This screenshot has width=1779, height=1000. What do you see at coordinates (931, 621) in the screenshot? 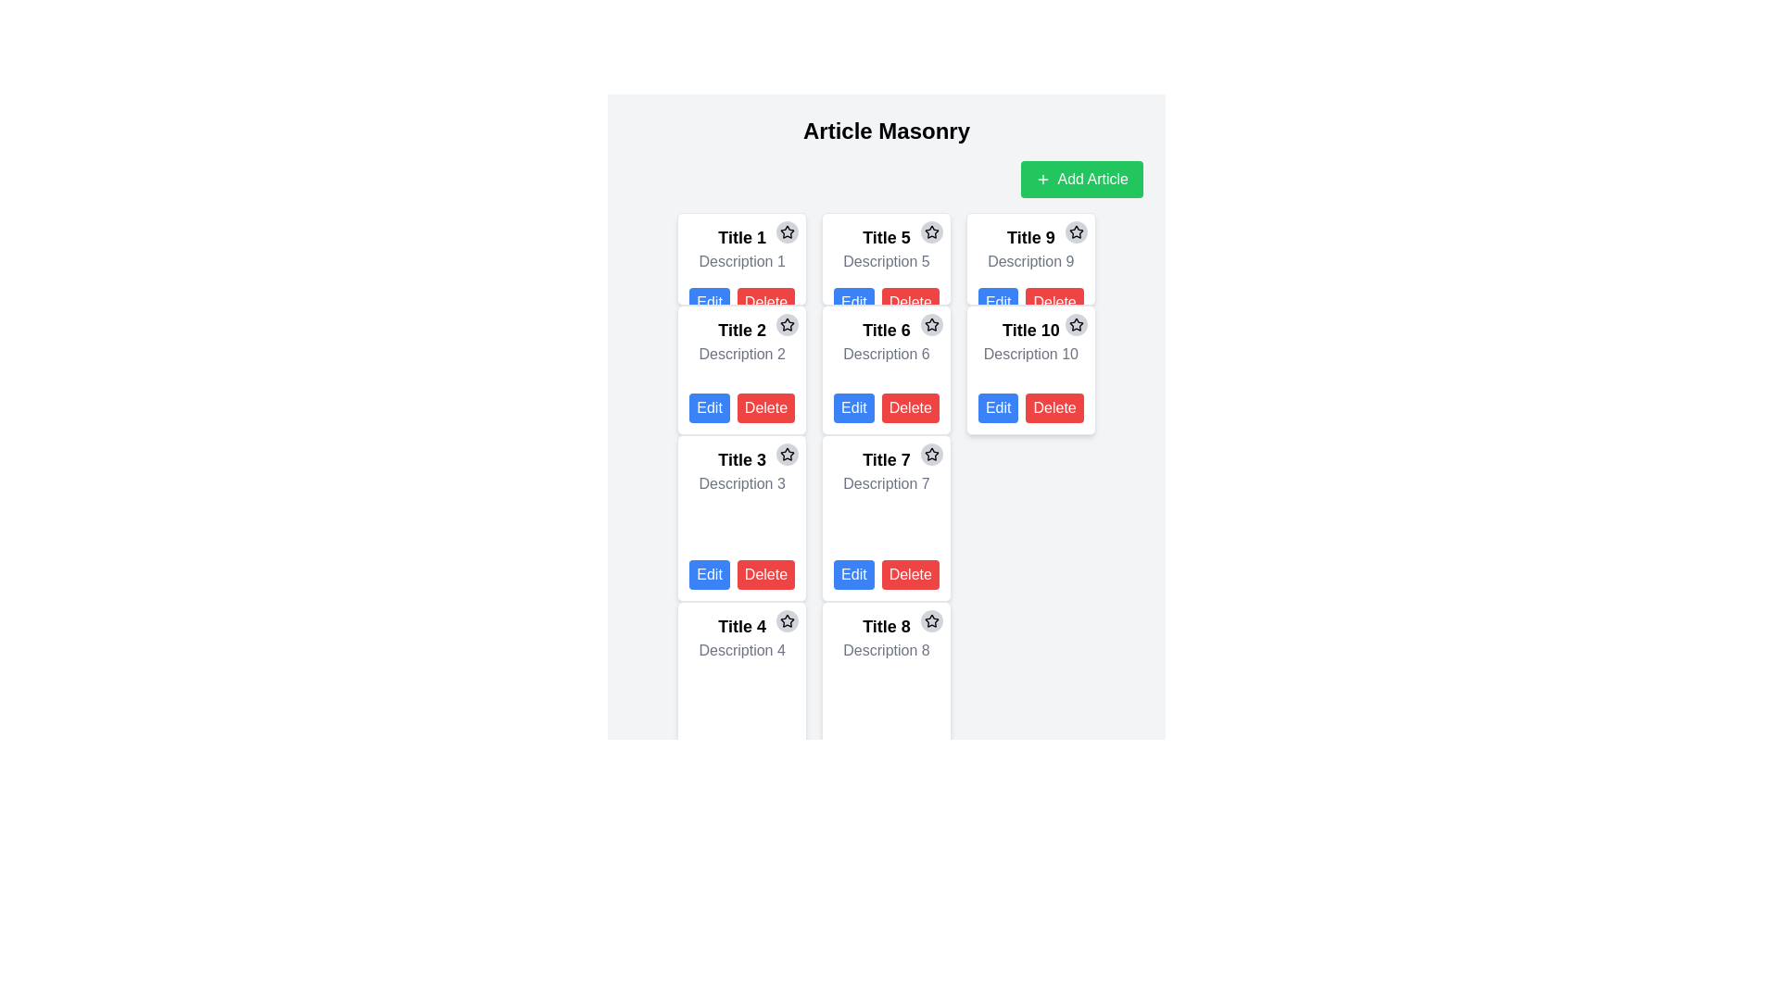
I see `the circular button with a star icon in the top-right corner of the card displaying 'Title 8'` at bounding box center [931, 621].